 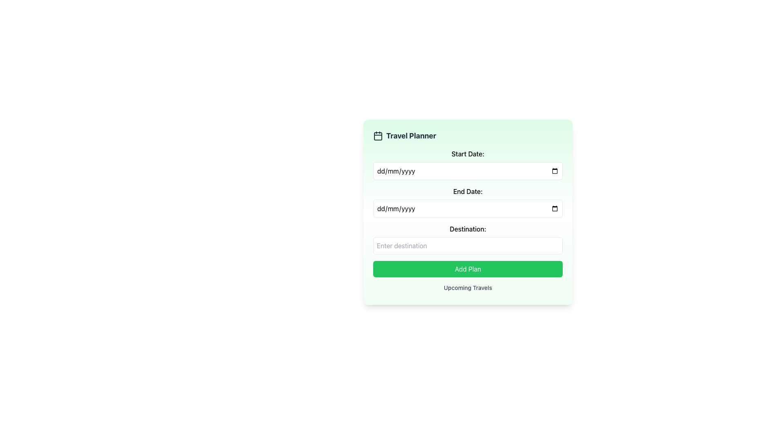 I want to click on the 'End Date:' text label to read it, which is centrally aligned above the date input field in the travel plan form layout, so click(x=468, y=192).